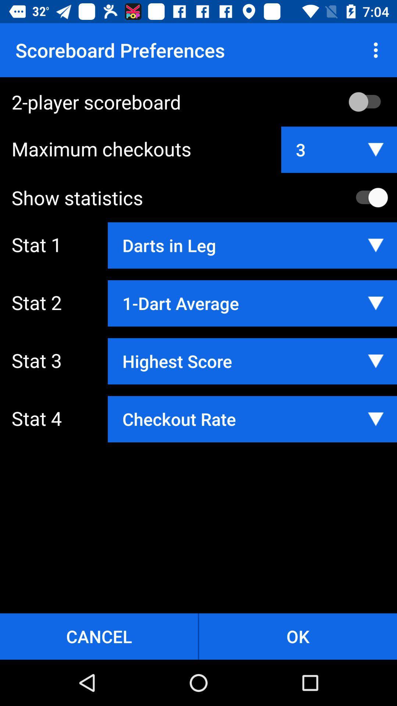 The width and height of the screenshot is (397, 706). I want to click on the app next to scoreboard preferences item, so click(378, 50).